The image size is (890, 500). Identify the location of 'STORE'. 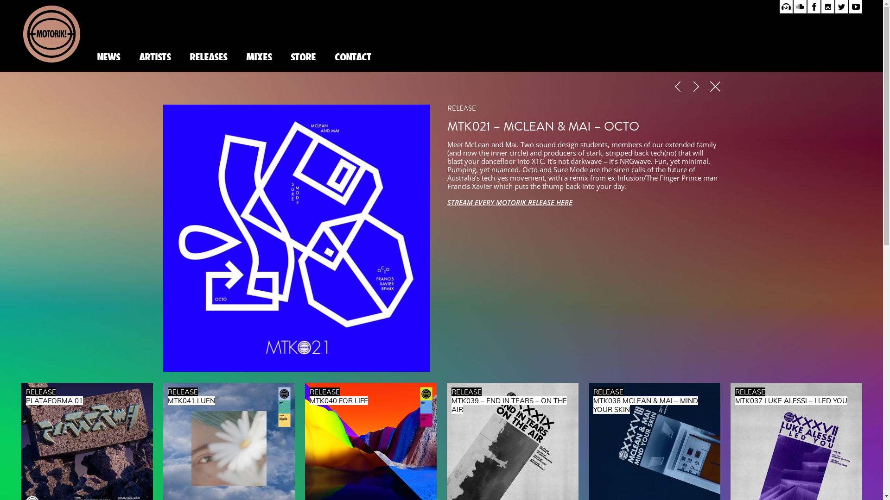
(303, 56).